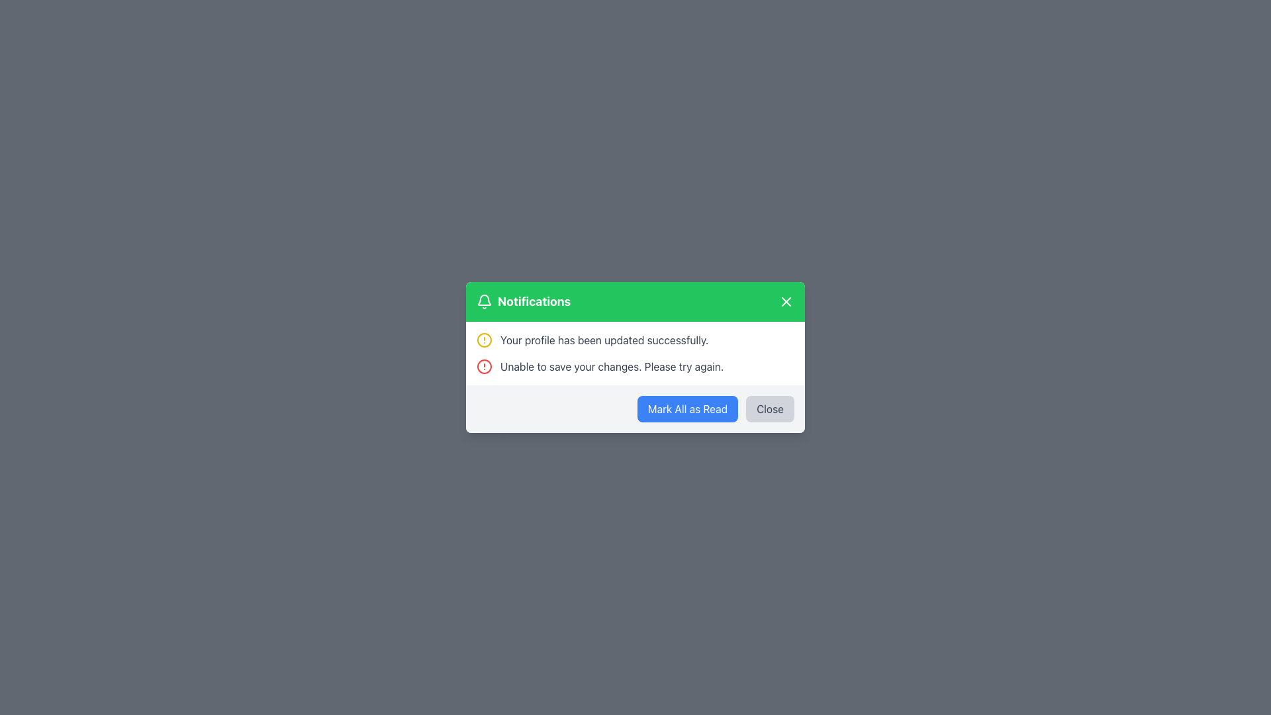  Describe the element at coordinates (483, 339) in the screenshot. I see `the circular element of the warning icon located before the text 'Unable to save your changes. Please try again.'` at that location.